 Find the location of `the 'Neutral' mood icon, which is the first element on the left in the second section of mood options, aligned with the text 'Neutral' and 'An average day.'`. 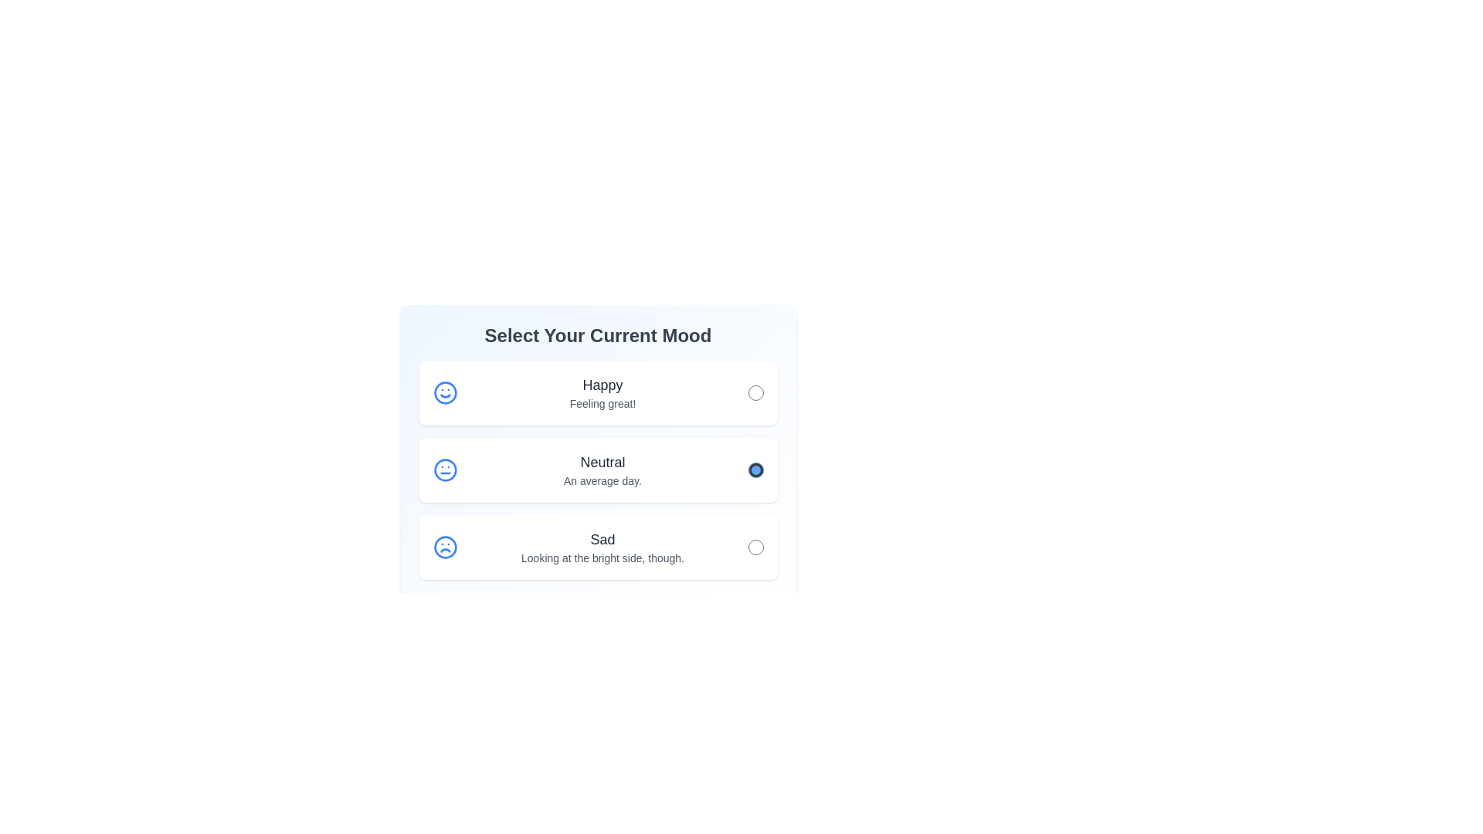

the 'Neutral' mood icon, which is the first element on the left in the second section of mood options, aligned with the text 'Neutral' and 'An average day.' is located at coordinates (444, 470).